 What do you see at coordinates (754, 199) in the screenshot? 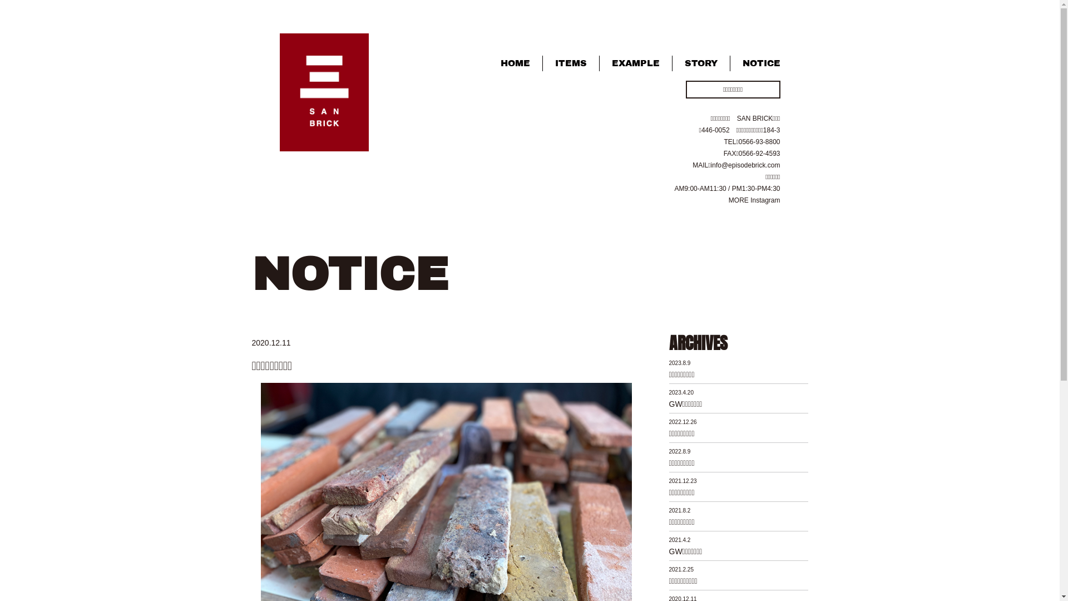
I see `'MORE Instagram'` at bounding box center [754, 199].